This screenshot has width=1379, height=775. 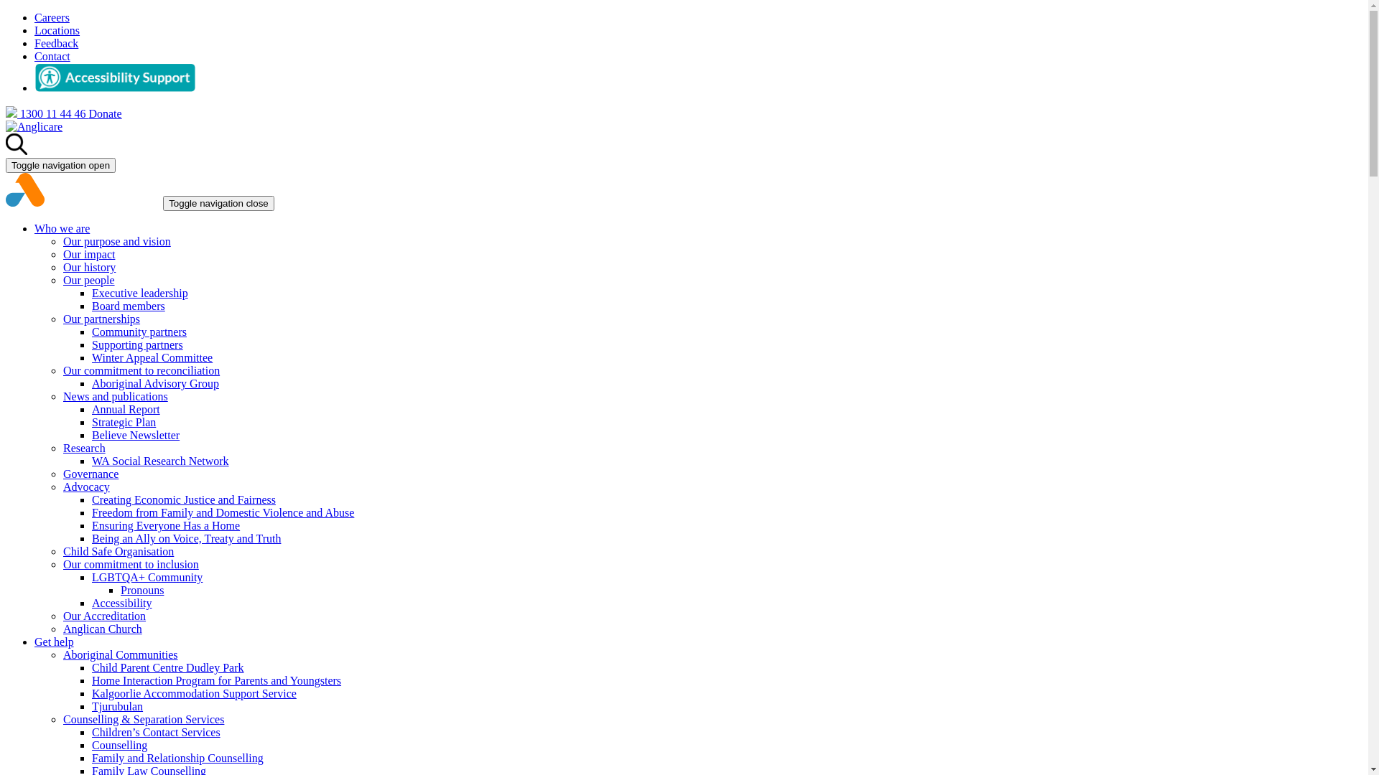 What do you see at coordinates (52, 17) in the screenshot?
I see `'Careers'` at bounding box center [52, 17].